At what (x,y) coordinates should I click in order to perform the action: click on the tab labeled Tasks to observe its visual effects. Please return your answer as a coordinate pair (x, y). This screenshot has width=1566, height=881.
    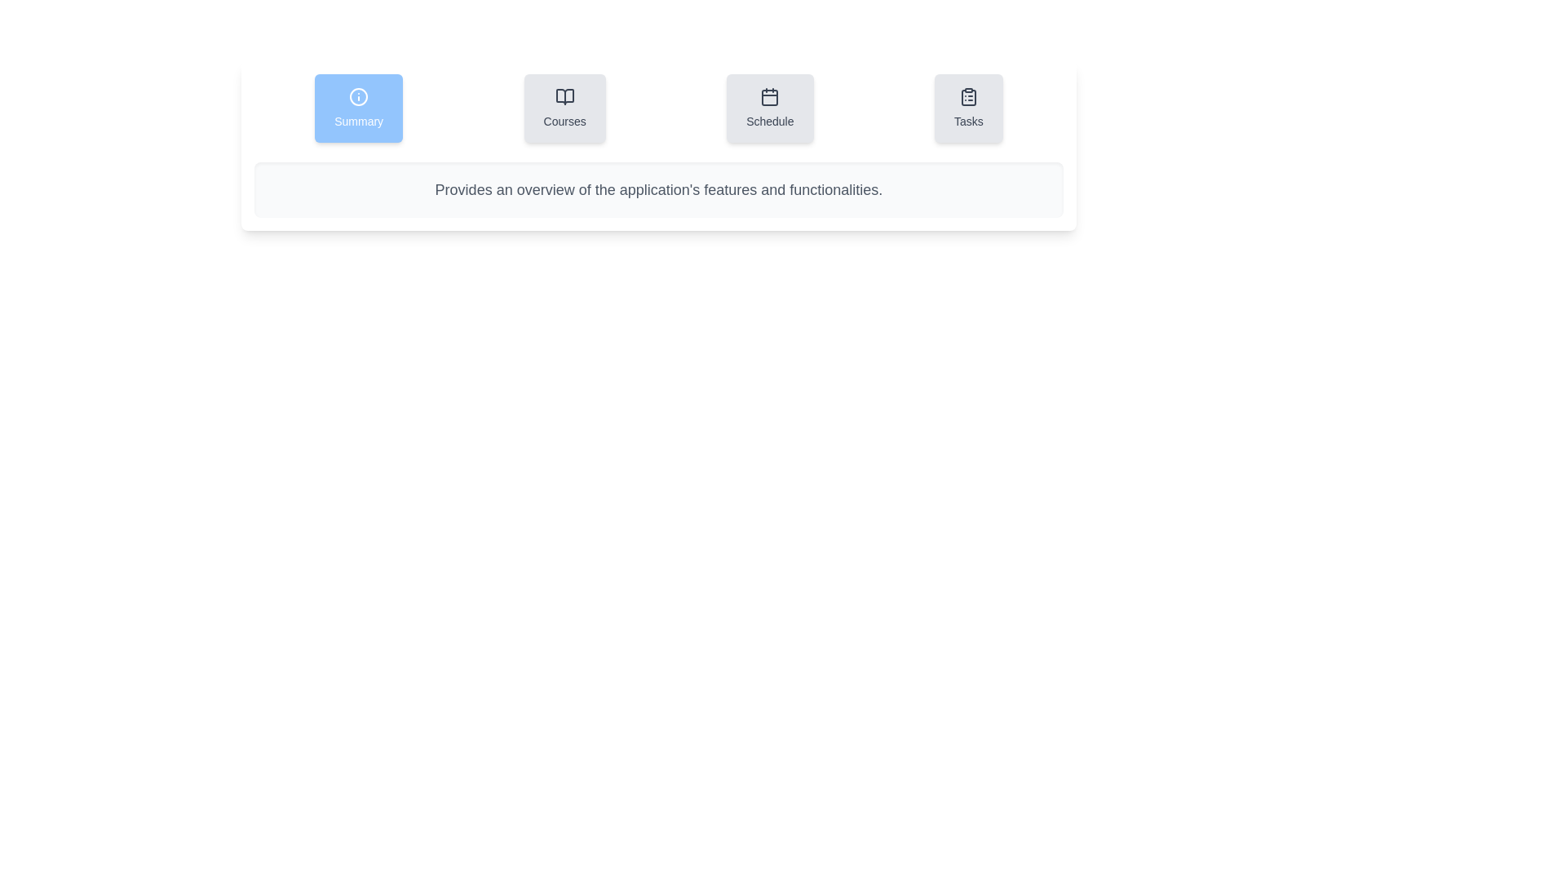
    Looking at the image, I should click on (969, 108).